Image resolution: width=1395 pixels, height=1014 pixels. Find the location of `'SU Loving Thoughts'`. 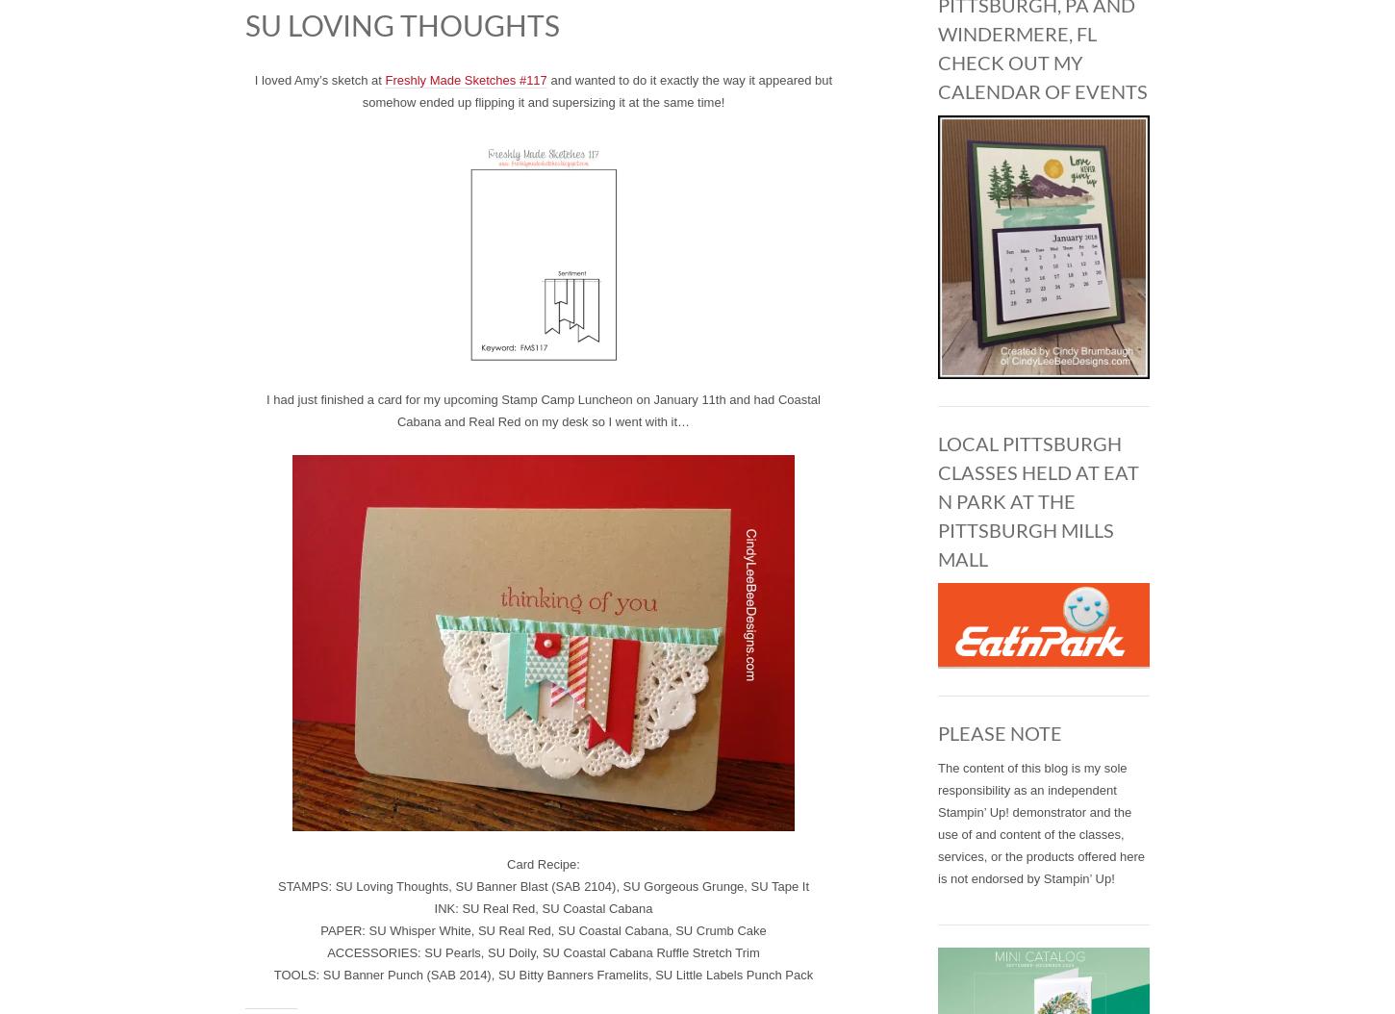

'SU Loving Thoughts' is located at coordinates (401, 23).